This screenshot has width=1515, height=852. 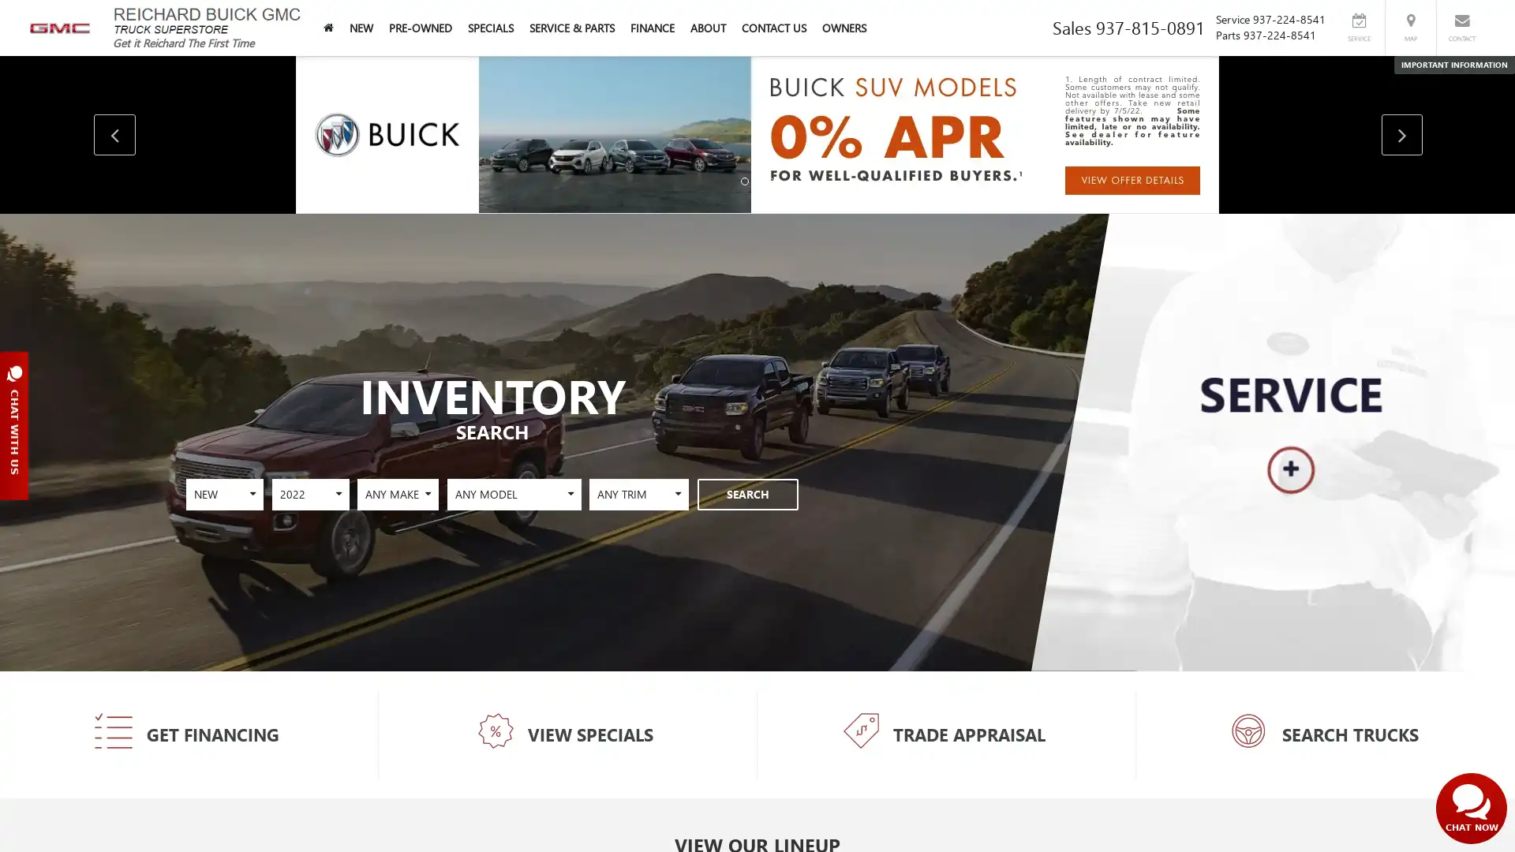 What do you see at coordinates (1471, 809) in the screenshot?
I see `Chat Icon CHAT NOW` at bounding box center [1471, 809].